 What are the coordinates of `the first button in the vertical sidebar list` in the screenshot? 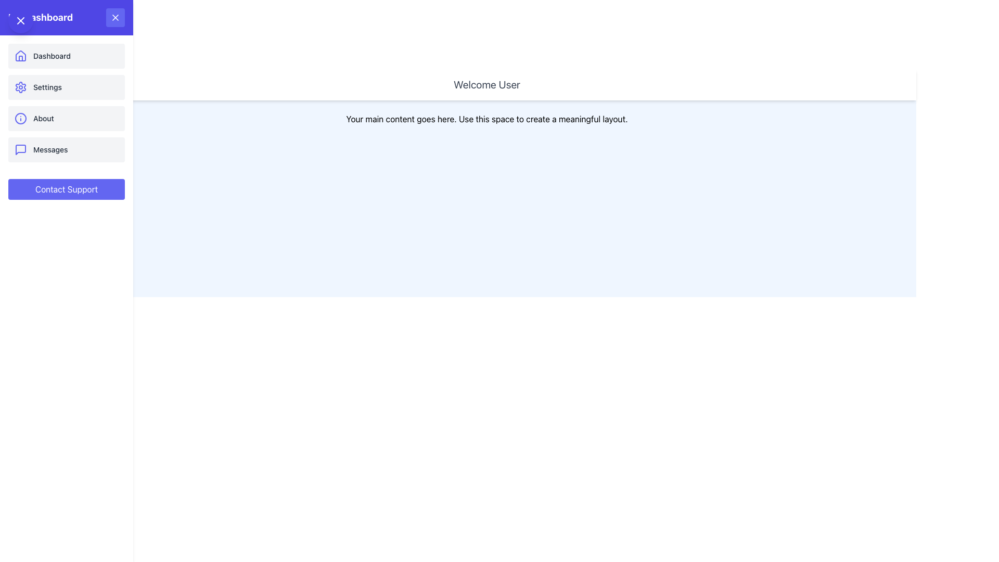 It's located at (66, 56).